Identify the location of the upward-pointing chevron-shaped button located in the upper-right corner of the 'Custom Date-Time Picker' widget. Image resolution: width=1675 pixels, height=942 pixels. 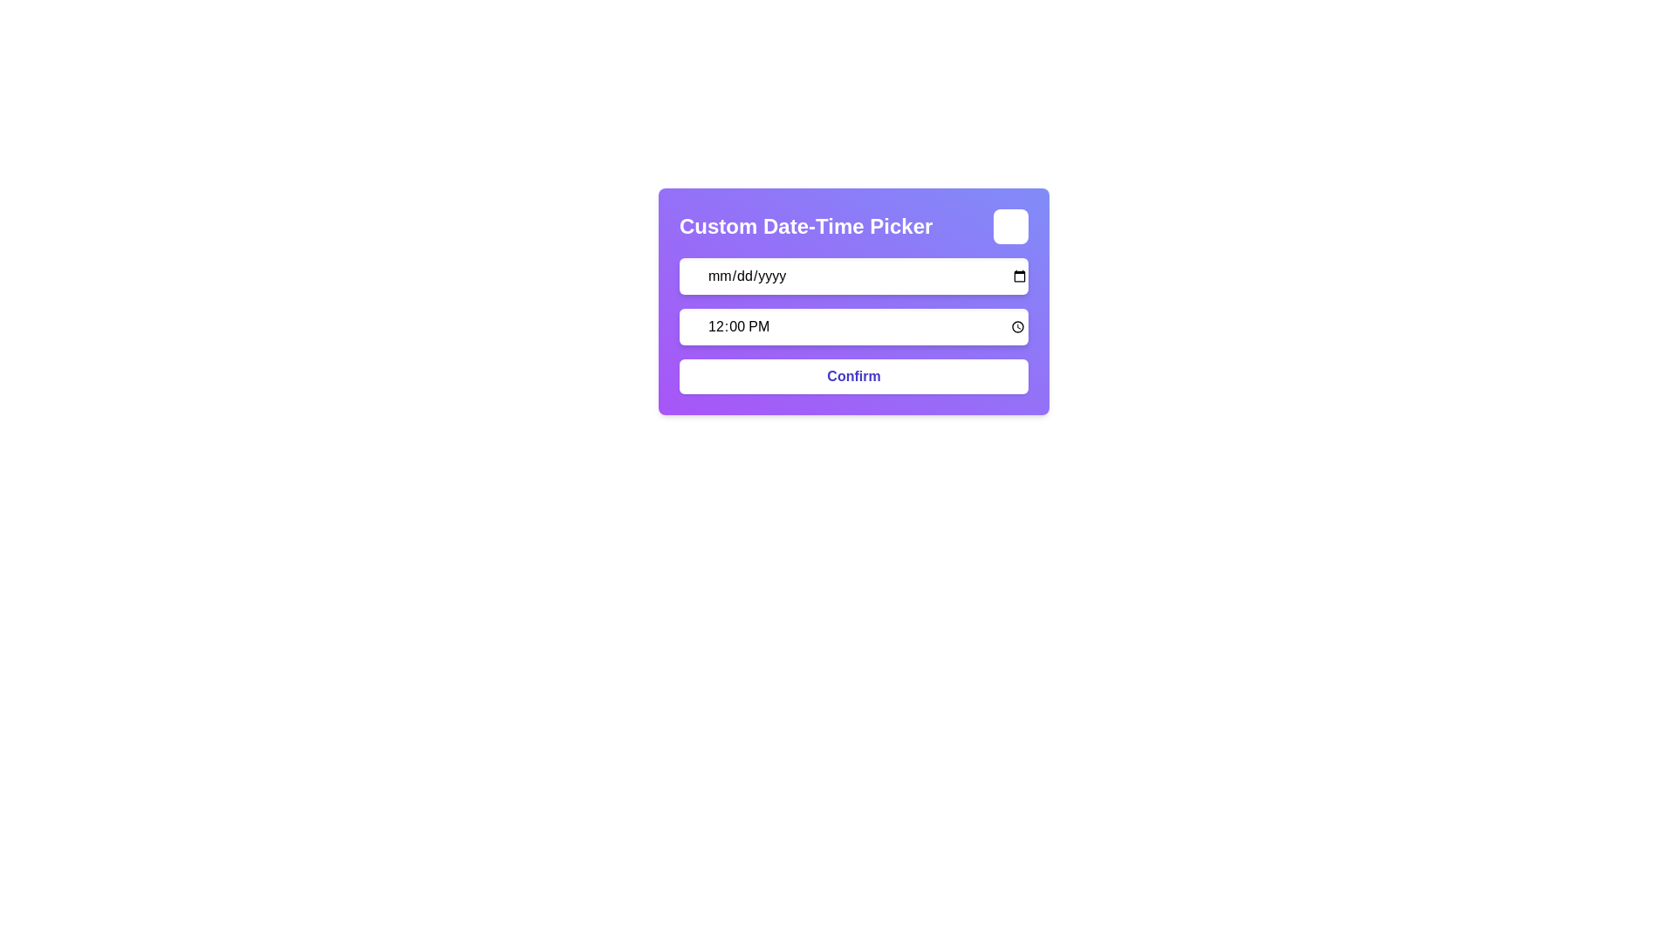
(1010, 225).